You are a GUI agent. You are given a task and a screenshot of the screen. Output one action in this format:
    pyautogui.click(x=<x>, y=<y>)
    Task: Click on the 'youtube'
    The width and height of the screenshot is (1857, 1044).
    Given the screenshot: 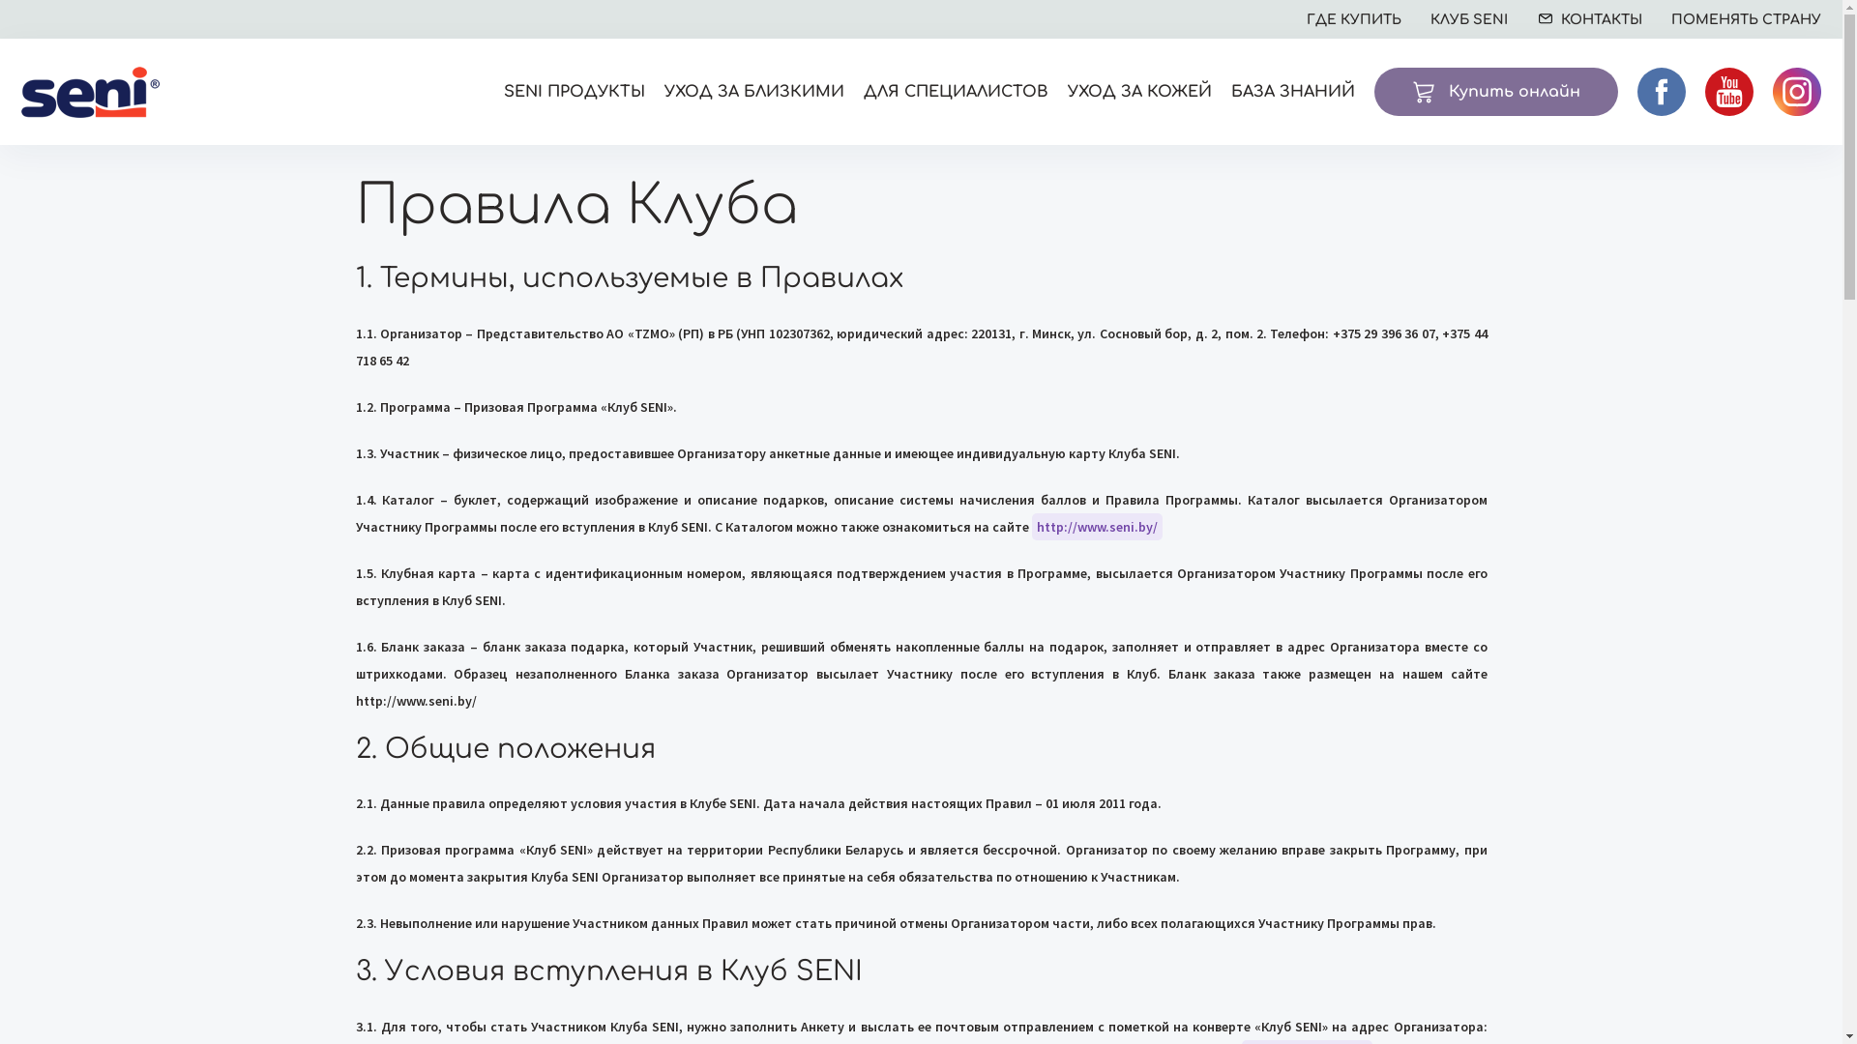 What is the action you would take?
    pyautogui.click(x=1704, y=92)
    